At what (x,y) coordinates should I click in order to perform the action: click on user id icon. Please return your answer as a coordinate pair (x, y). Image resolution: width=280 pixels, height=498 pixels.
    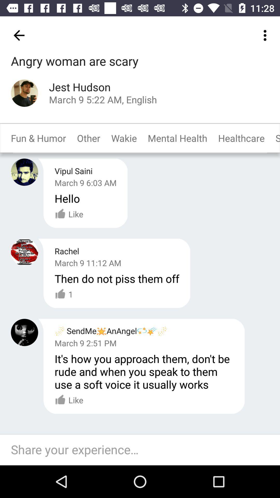
    Looking at the image, I should click on (24, 252).